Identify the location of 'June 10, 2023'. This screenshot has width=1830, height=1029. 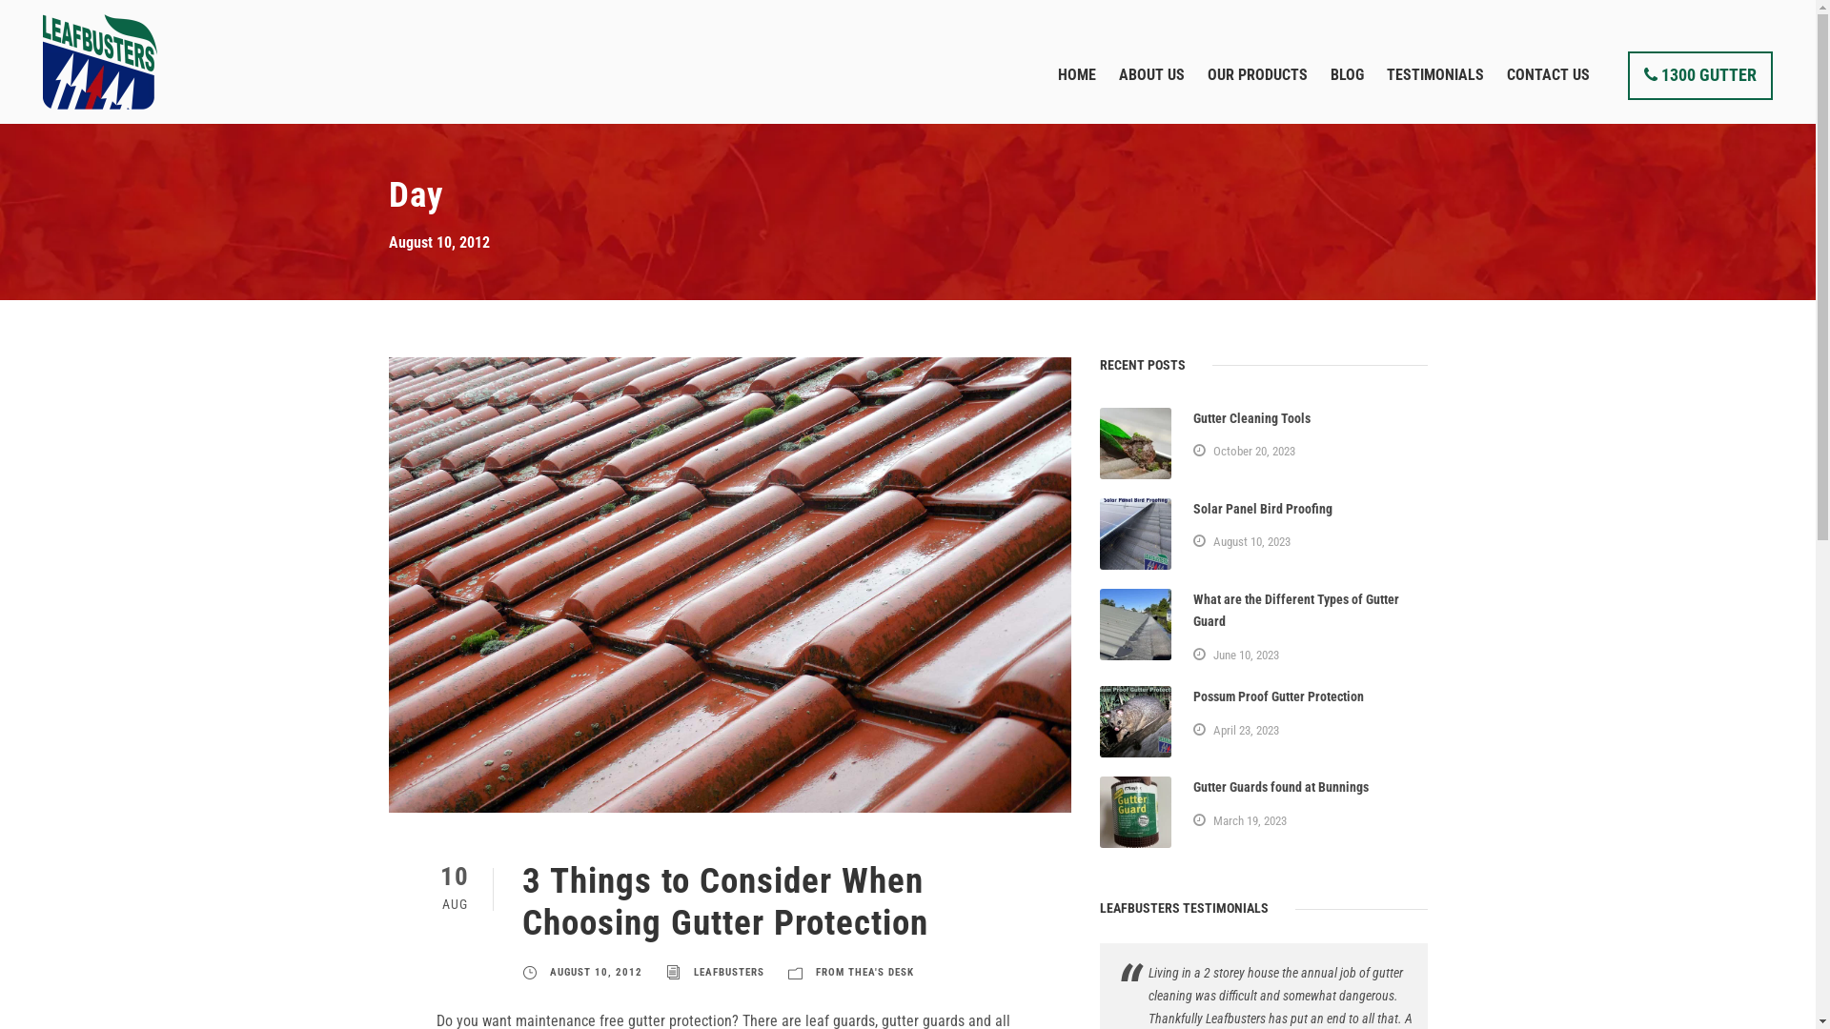
(1246, 654).